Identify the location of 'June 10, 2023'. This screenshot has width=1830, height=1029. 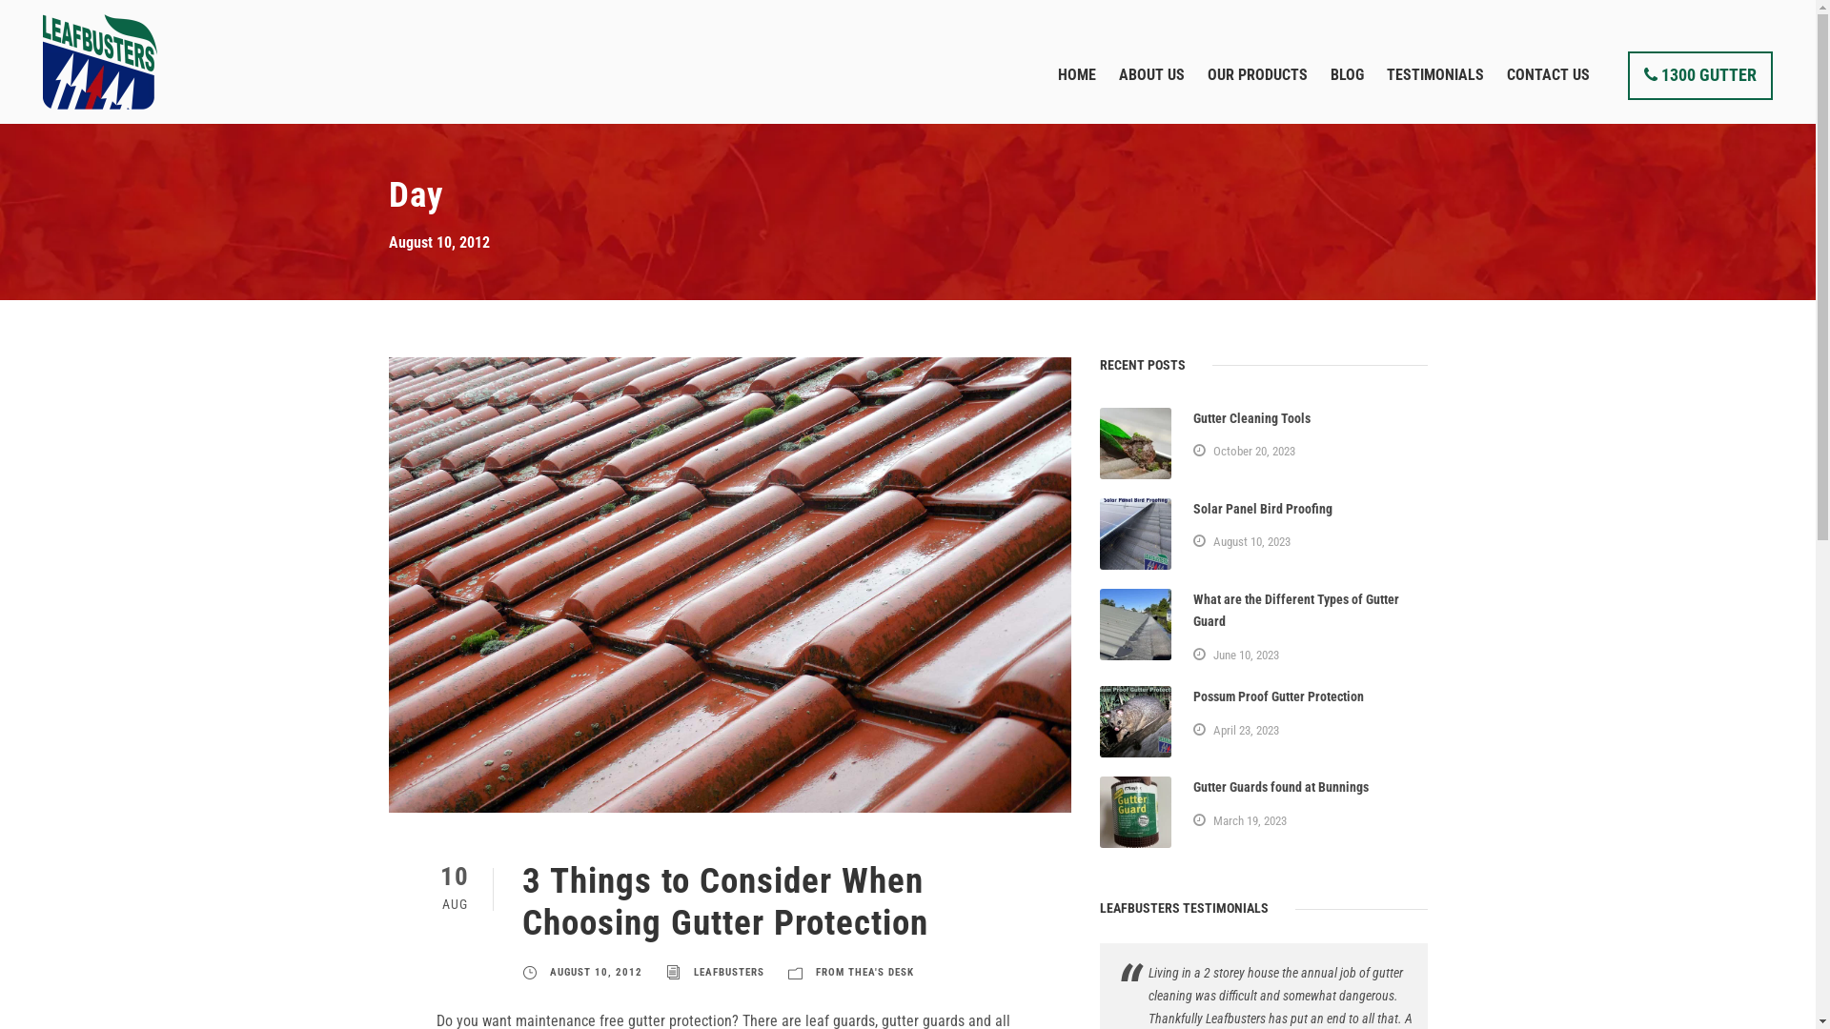
(1246, 654).